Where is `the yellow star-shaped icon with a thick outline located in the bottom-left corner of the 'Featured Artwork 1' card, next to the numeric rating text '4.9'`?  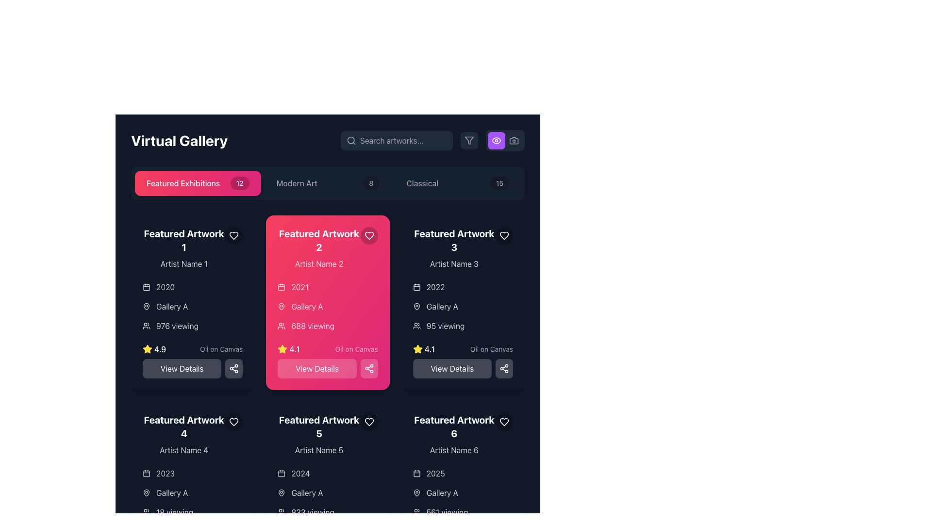
the yellow star-shaped icon with a thick outline located in the bottom-left corner of the 'Featured Artwork 1' card, next to the numeric rating text '4.9' is located at coordinates (147, 349).